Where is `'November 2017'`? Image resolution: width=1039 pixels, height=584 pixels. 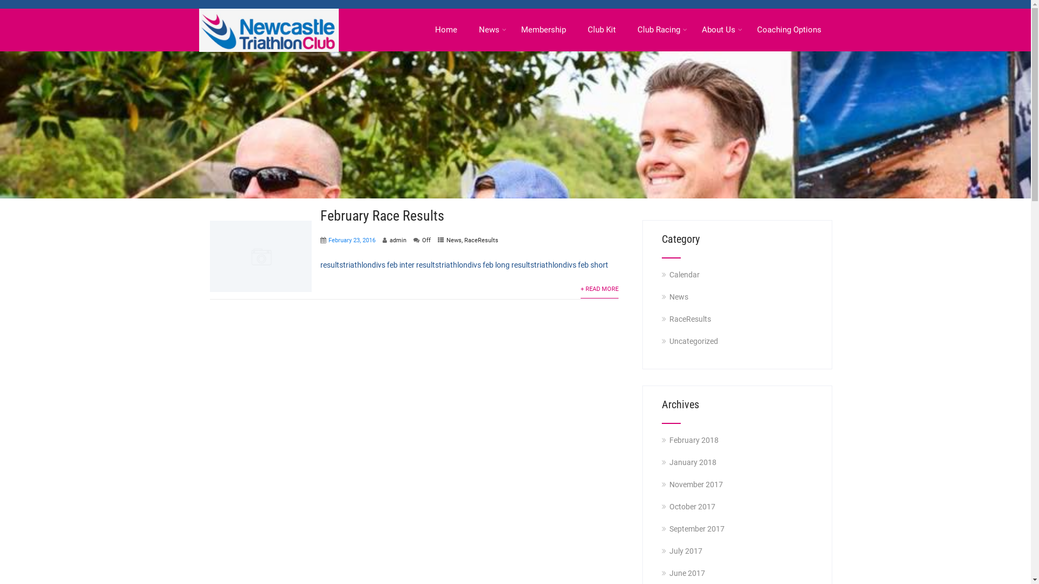
'November 2017' is located at coordinates (696, 483).